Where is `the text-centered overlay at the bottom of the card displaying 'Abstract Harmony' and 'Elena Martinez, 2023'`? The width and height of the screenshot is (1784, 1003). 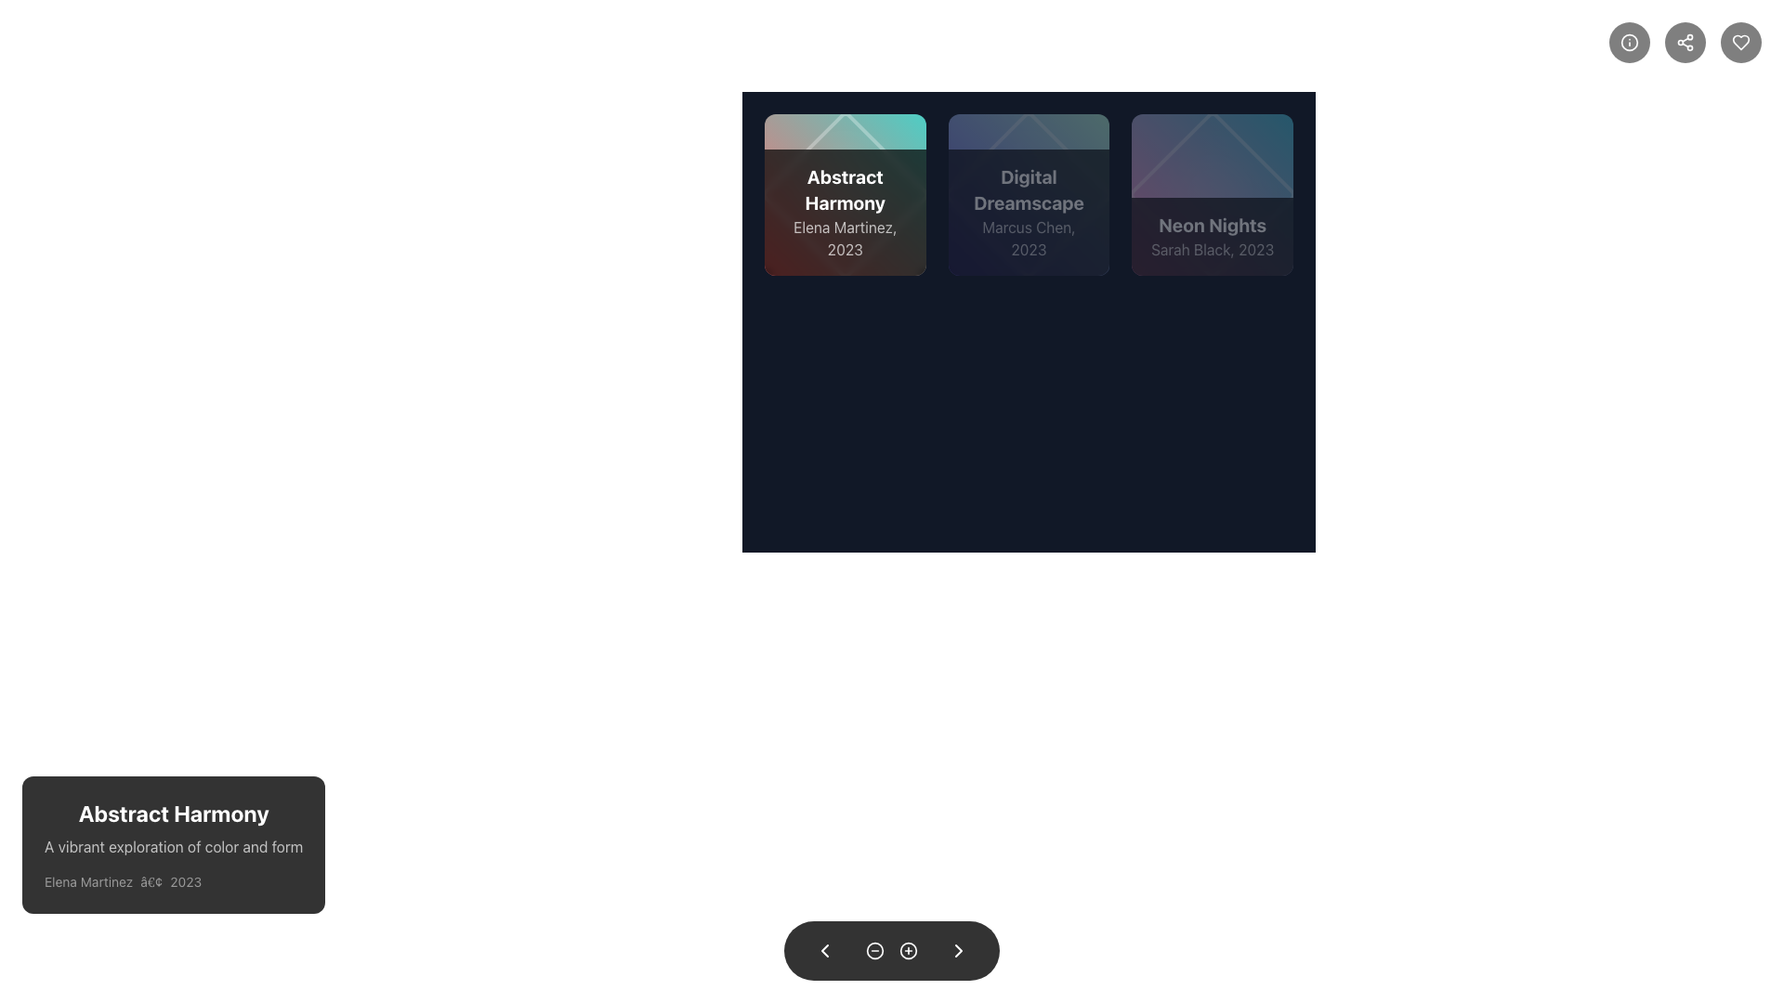
the text-centered overlay at the bottom of the card displaying 'Abstract Harmony' and 'Elena Martinez, 2023' is located at coordinates (844, 211).